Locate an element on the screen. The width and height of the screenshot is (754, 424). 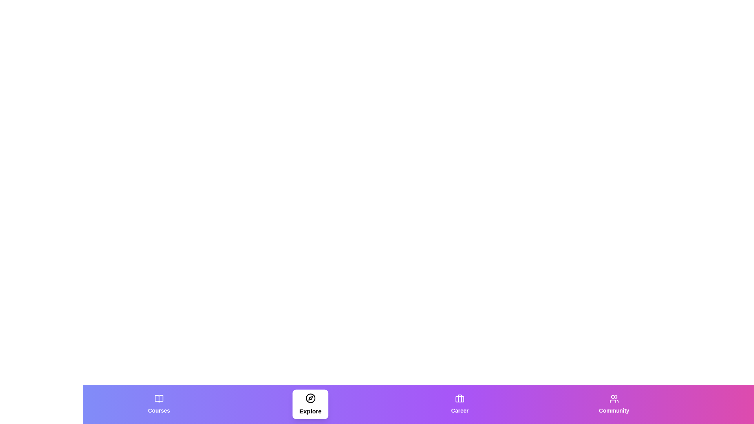
the tab labeled Explore is located at coordinates (310, 404).